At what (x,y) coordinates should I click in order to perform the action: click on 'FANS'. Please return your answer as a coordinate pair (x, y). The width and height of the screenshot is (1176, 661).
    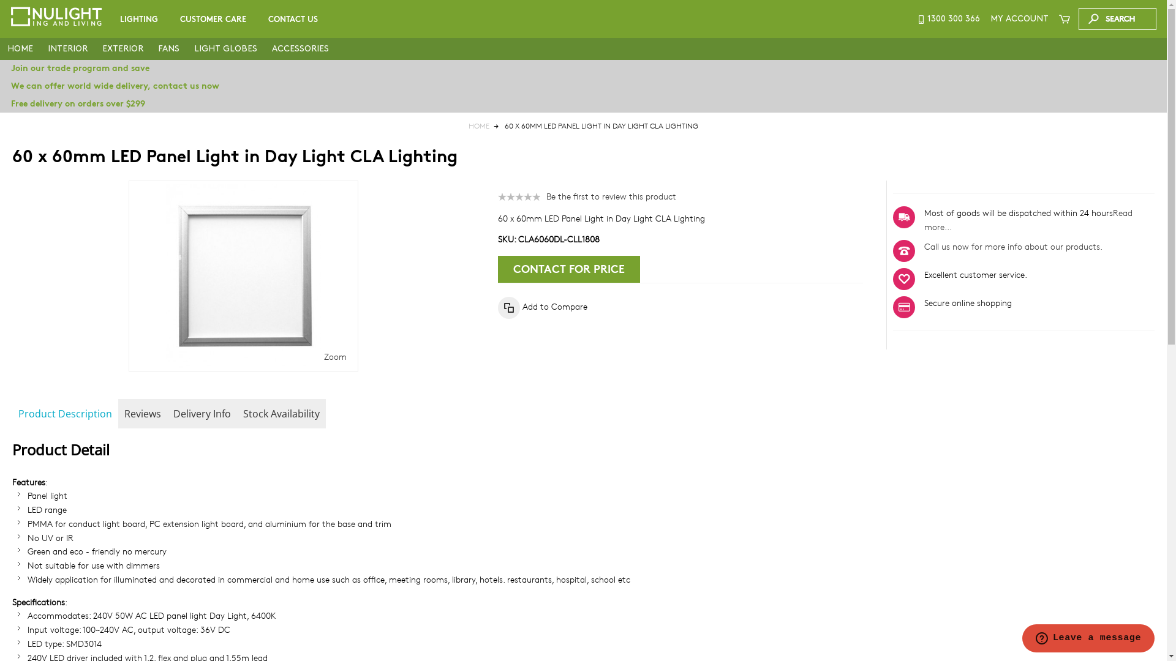
    Looking at the image, I should click on (149, 48).